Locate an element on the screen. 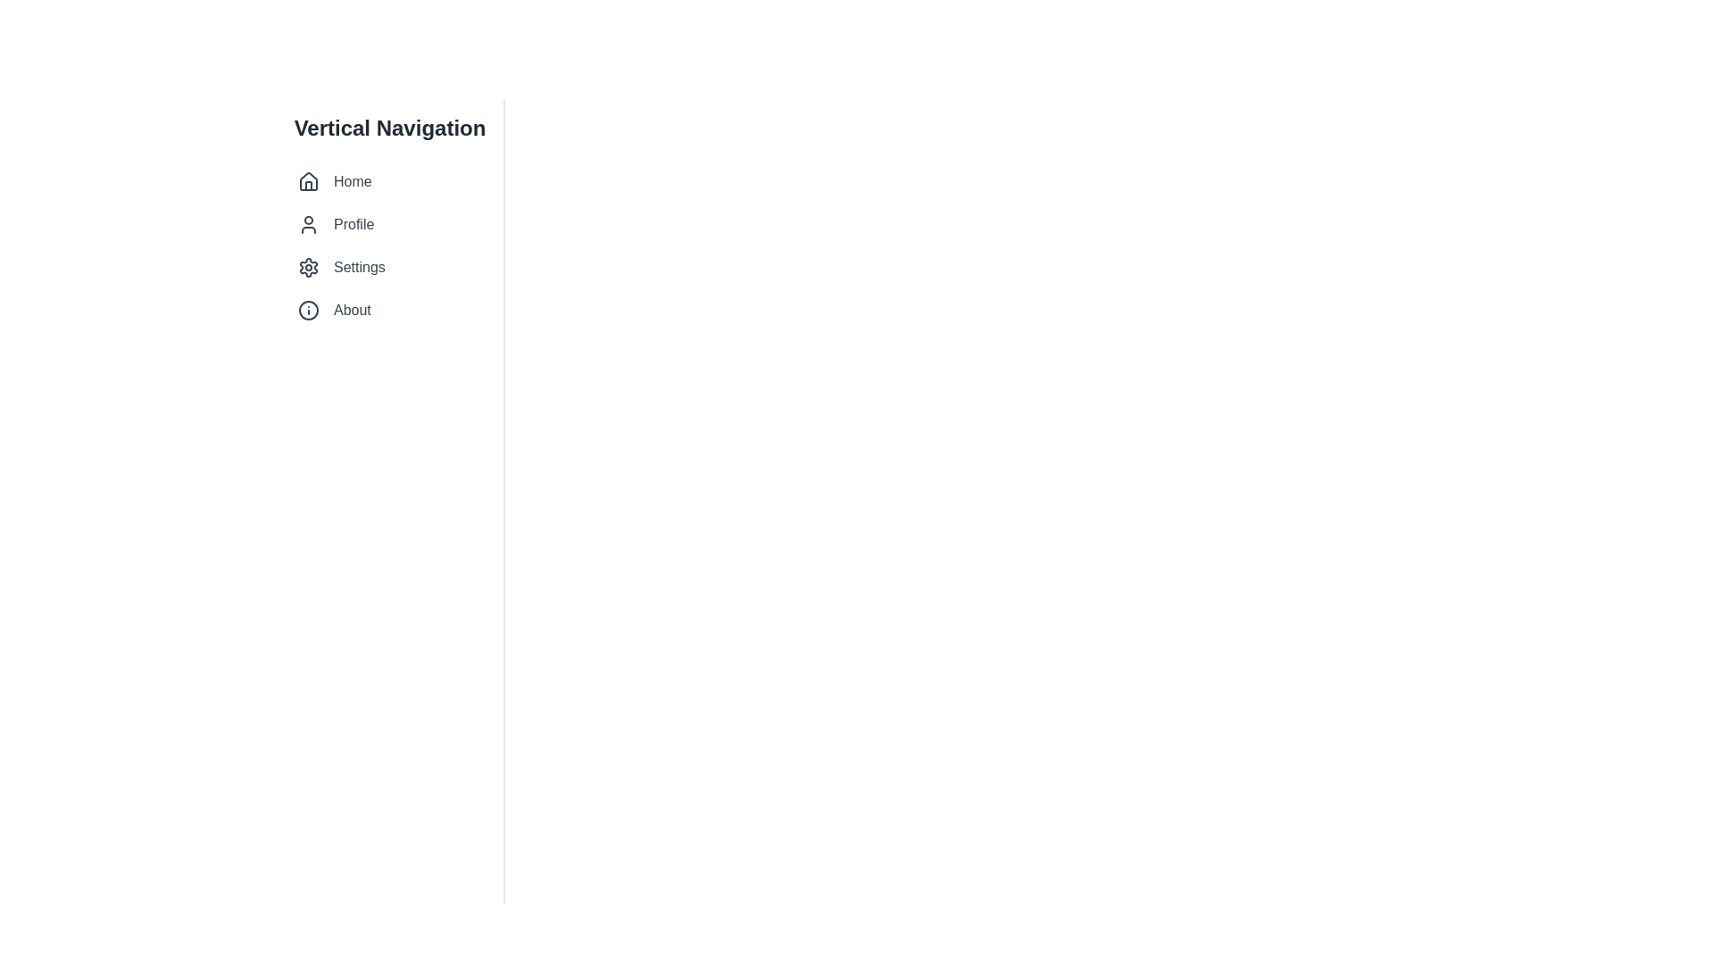  the circular information icon located in the vertical navigation bar is located at coordinates (308, 309).